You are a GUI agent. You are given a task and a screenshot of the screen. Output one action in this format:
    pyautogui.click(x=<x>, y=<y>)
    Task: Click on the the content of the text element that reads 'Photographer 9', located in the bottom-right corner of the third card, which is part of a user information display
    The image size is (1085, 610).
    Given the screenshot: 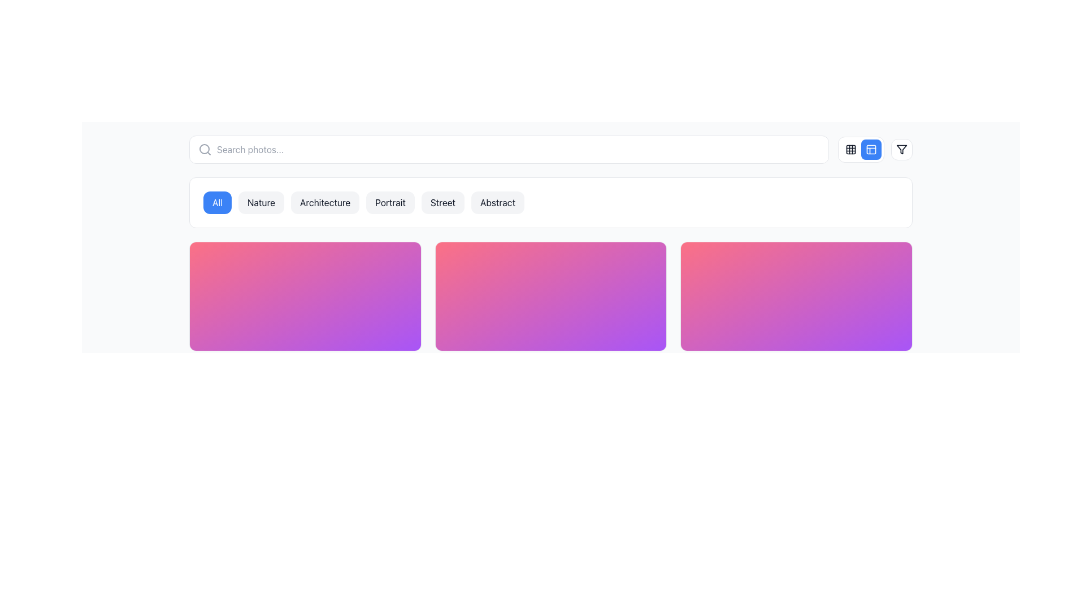 What is the action you would take?
    pyautogui.click(x=742, y=332)
    